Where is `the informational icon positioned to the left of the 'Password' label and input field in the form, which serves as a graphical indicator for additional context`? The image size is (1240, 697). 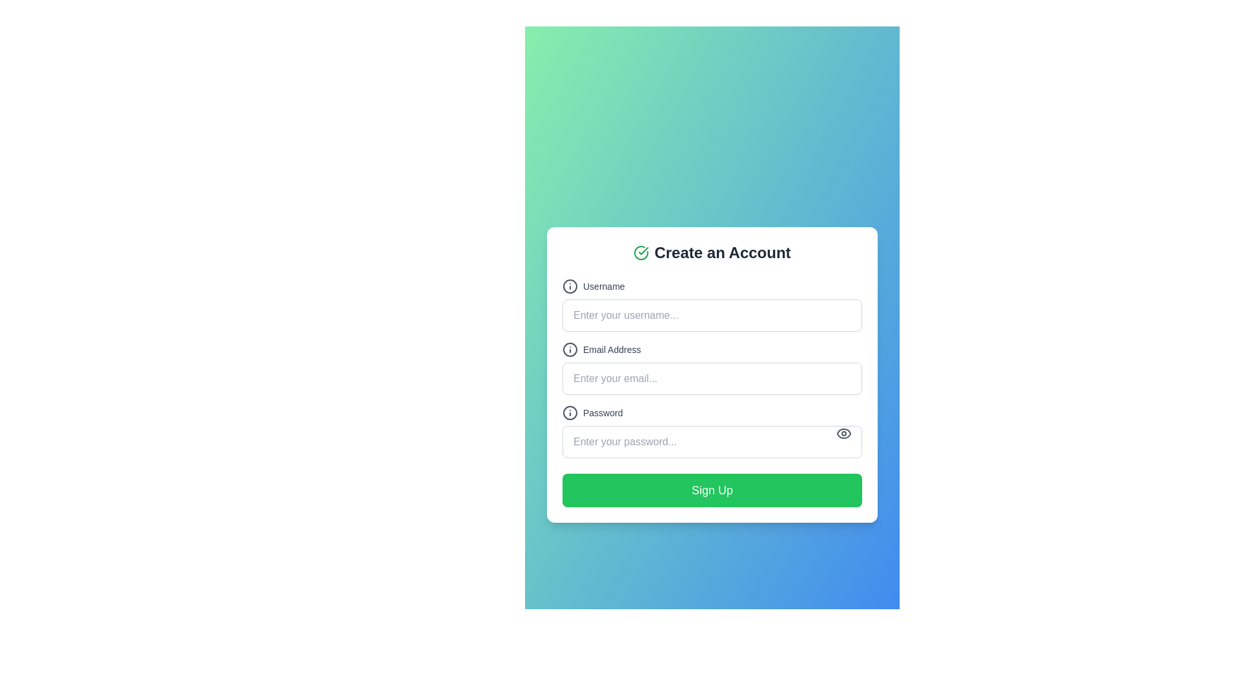
the informational icon positioned to the left of the 'Password' label and input field in the form, which serves as a graphical indicator for additional context is located at coordinates (570, 413).